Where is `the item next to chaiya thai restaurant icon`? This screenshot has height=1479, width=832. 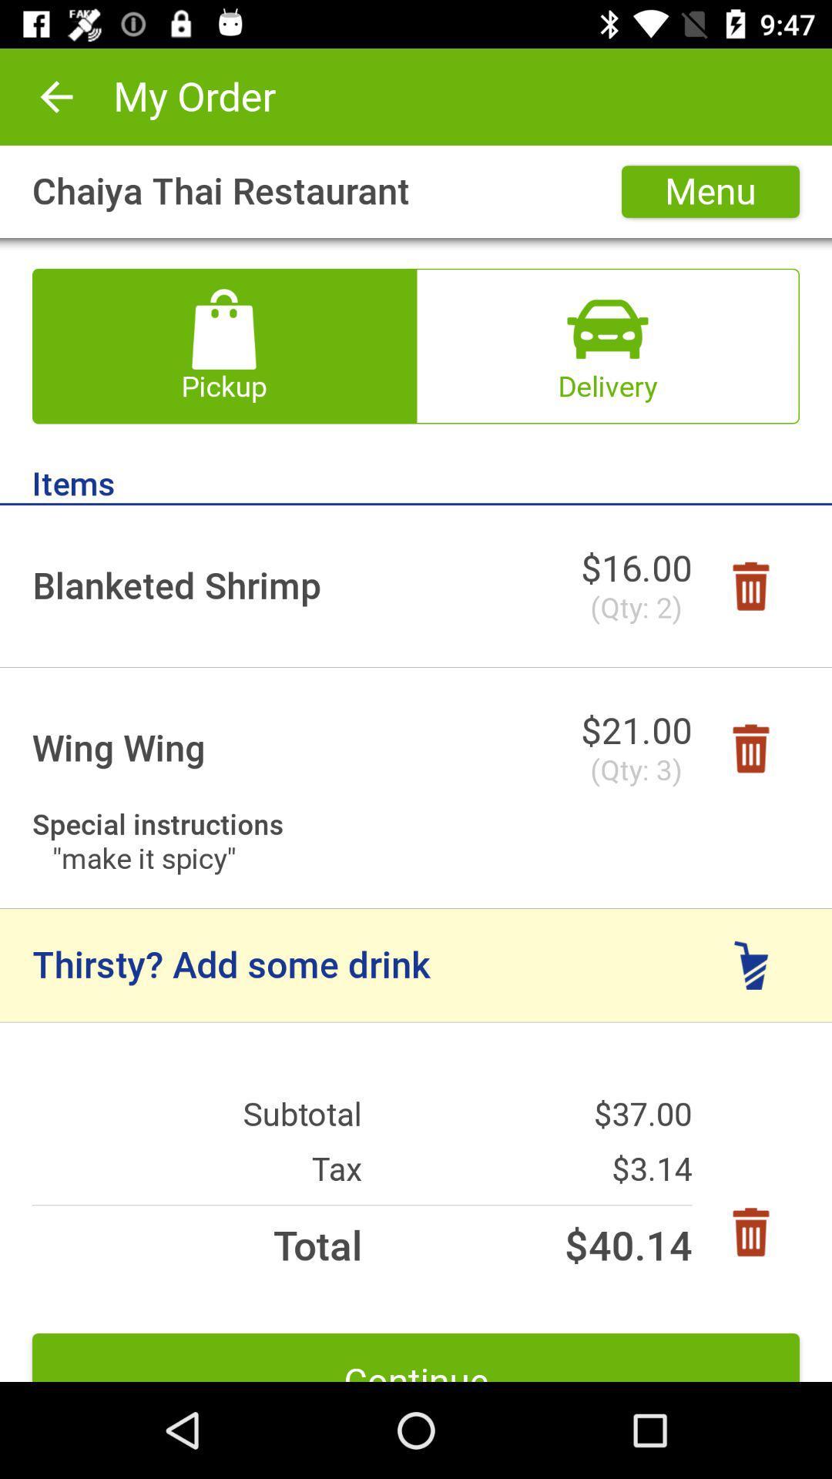 the item next to chaiya thai restaurant icon is located at coordinates (710, 191).